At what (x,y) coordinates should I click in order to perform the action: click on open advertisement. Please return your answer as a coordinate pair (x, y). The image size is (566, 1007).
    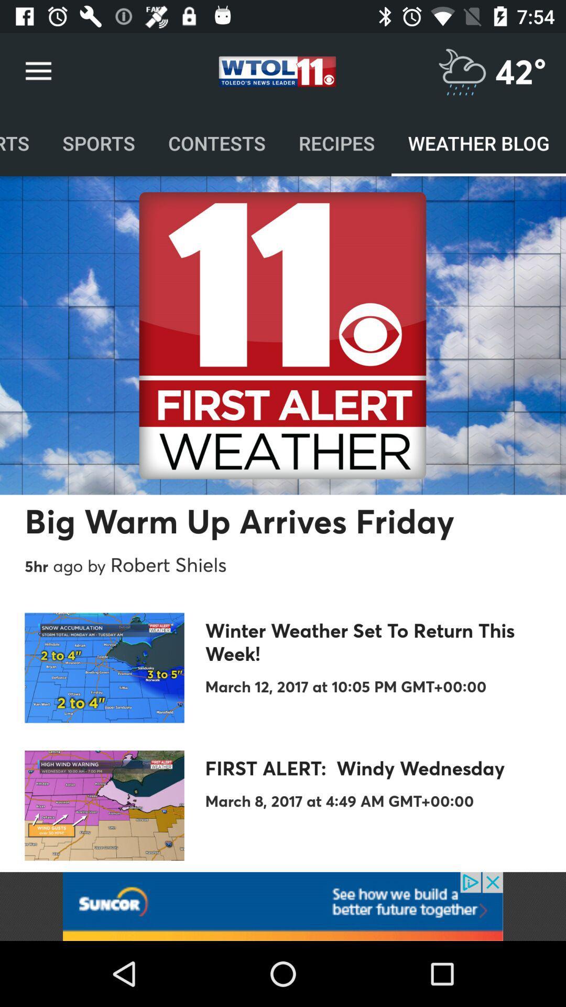
    Looking at the image, I should click on (283, 906).